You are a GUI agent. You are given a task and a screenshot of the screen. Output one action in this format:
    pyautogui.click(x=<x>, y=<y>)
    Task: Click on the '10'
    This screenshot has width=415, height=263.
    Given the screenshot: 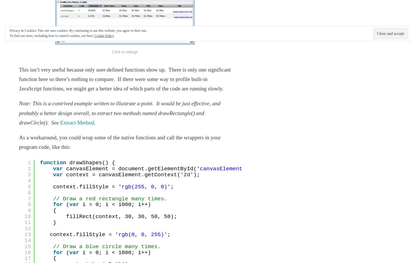 What is the action you would take?
    pyautogui.click(x=27, y=216)
    